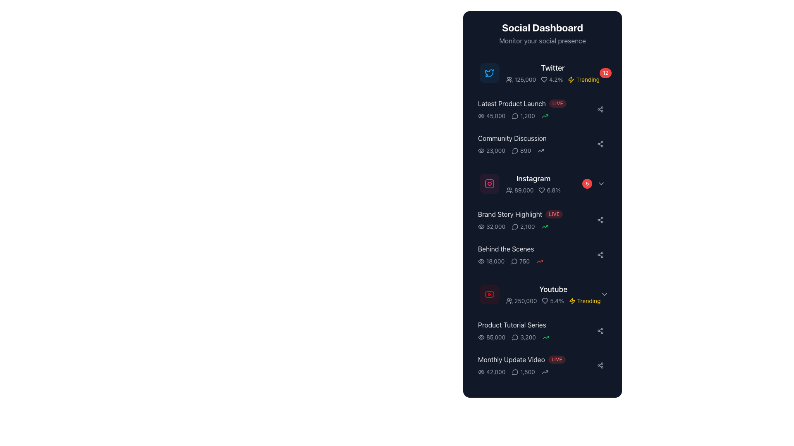 This screenshot has width=794, height=446. Describe the element at coordinates (572, 301) in the screenshot. I see `the 'Trending' icon, which is a dynamic SVG graphic element located next to the text 'Trending' in the Youtube section` at that location.